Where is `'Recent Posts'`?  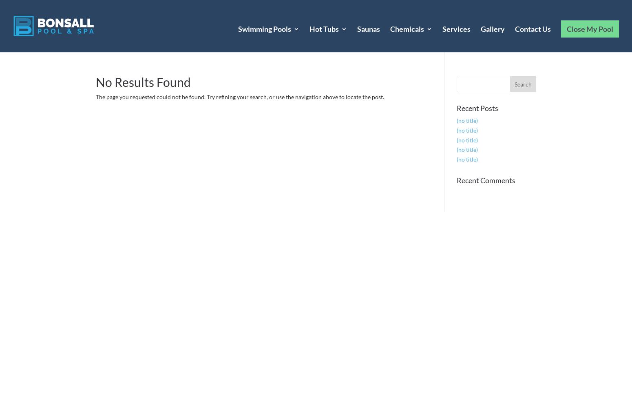 'Recent Posts' is located at coordinates (477, 108).